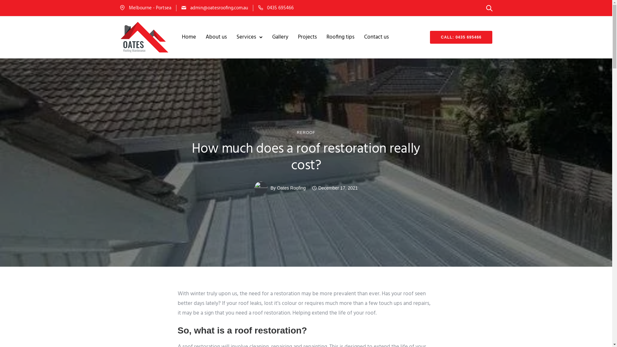 The height and width of the screenshot is (347, 617). Describe the element at coordinates (376, 37) in the screenshot. I see `'Contact us'` at that location.